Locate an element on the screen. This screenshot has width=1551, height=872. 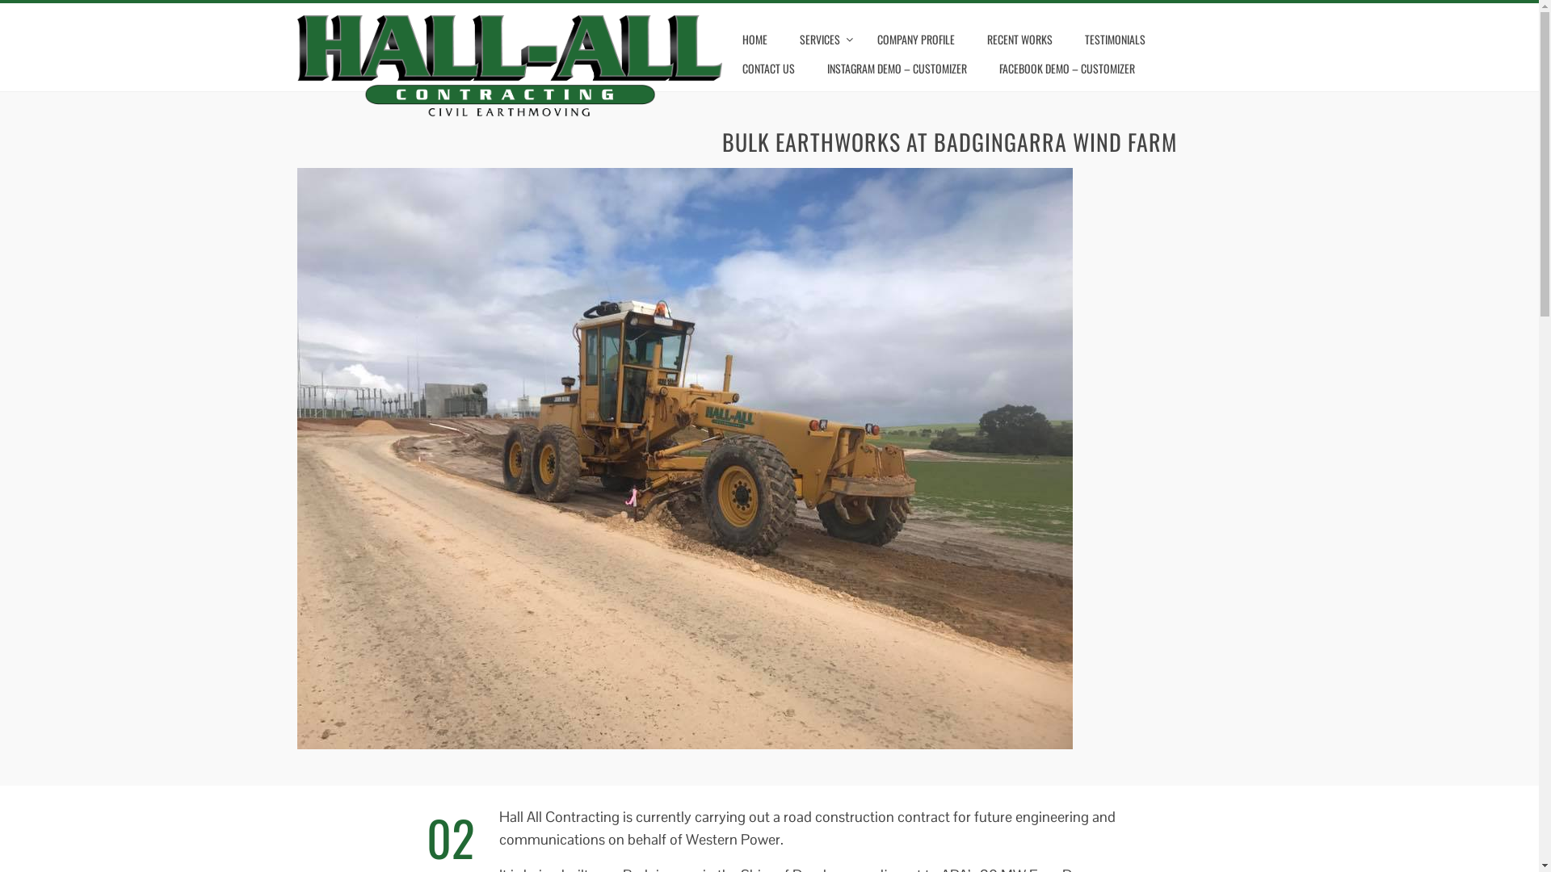
'COMPANY PROFILE' is located at coordinates (915, 39).